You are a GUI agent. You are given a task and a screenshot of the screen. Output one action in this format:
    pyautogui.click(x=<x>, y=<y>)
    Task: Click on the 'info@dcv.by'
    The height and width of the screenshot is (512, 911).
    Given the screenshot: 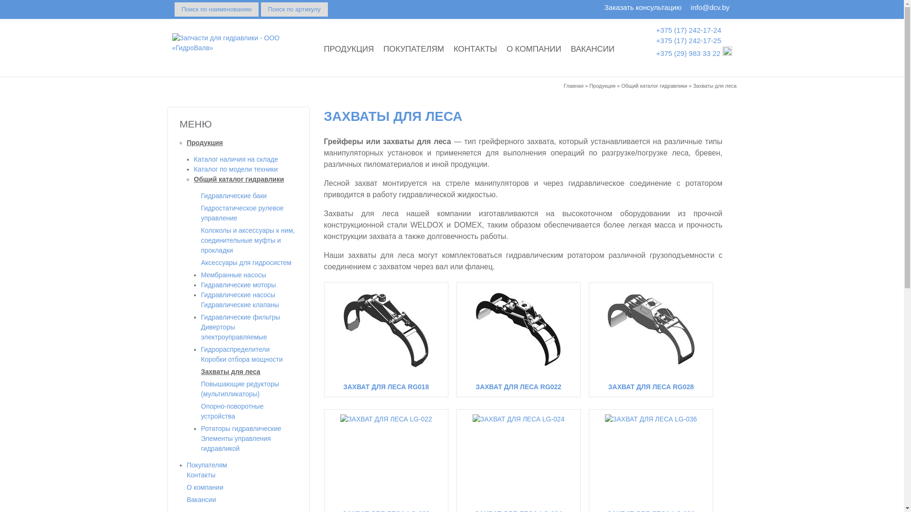 What is the action you would take?
    pyautogui.click(x=690, y=7)
    